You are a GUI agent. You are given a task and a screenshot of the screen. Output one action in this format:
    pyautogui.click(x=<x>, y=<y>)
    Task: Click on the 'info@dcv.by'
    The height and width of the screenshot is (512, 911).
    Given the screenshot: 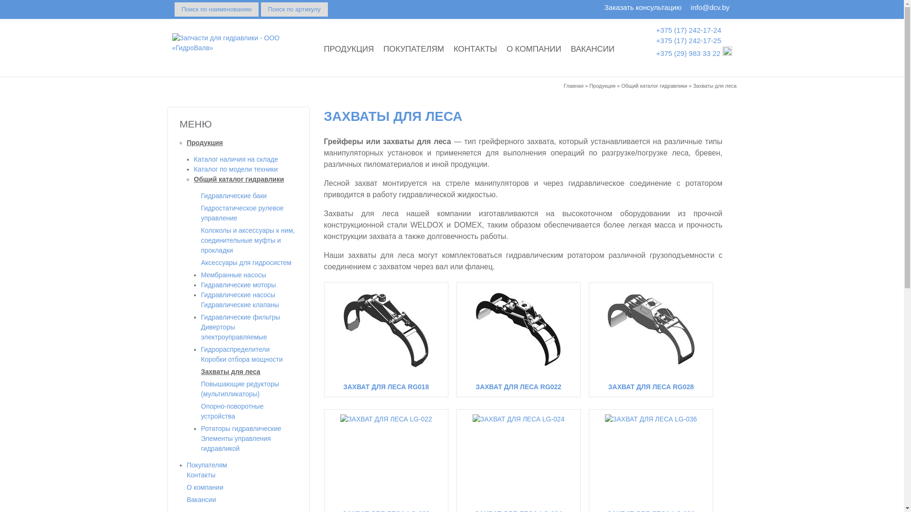 What is the action you would take?
    pyautogui.click(x=690, y=7)
    